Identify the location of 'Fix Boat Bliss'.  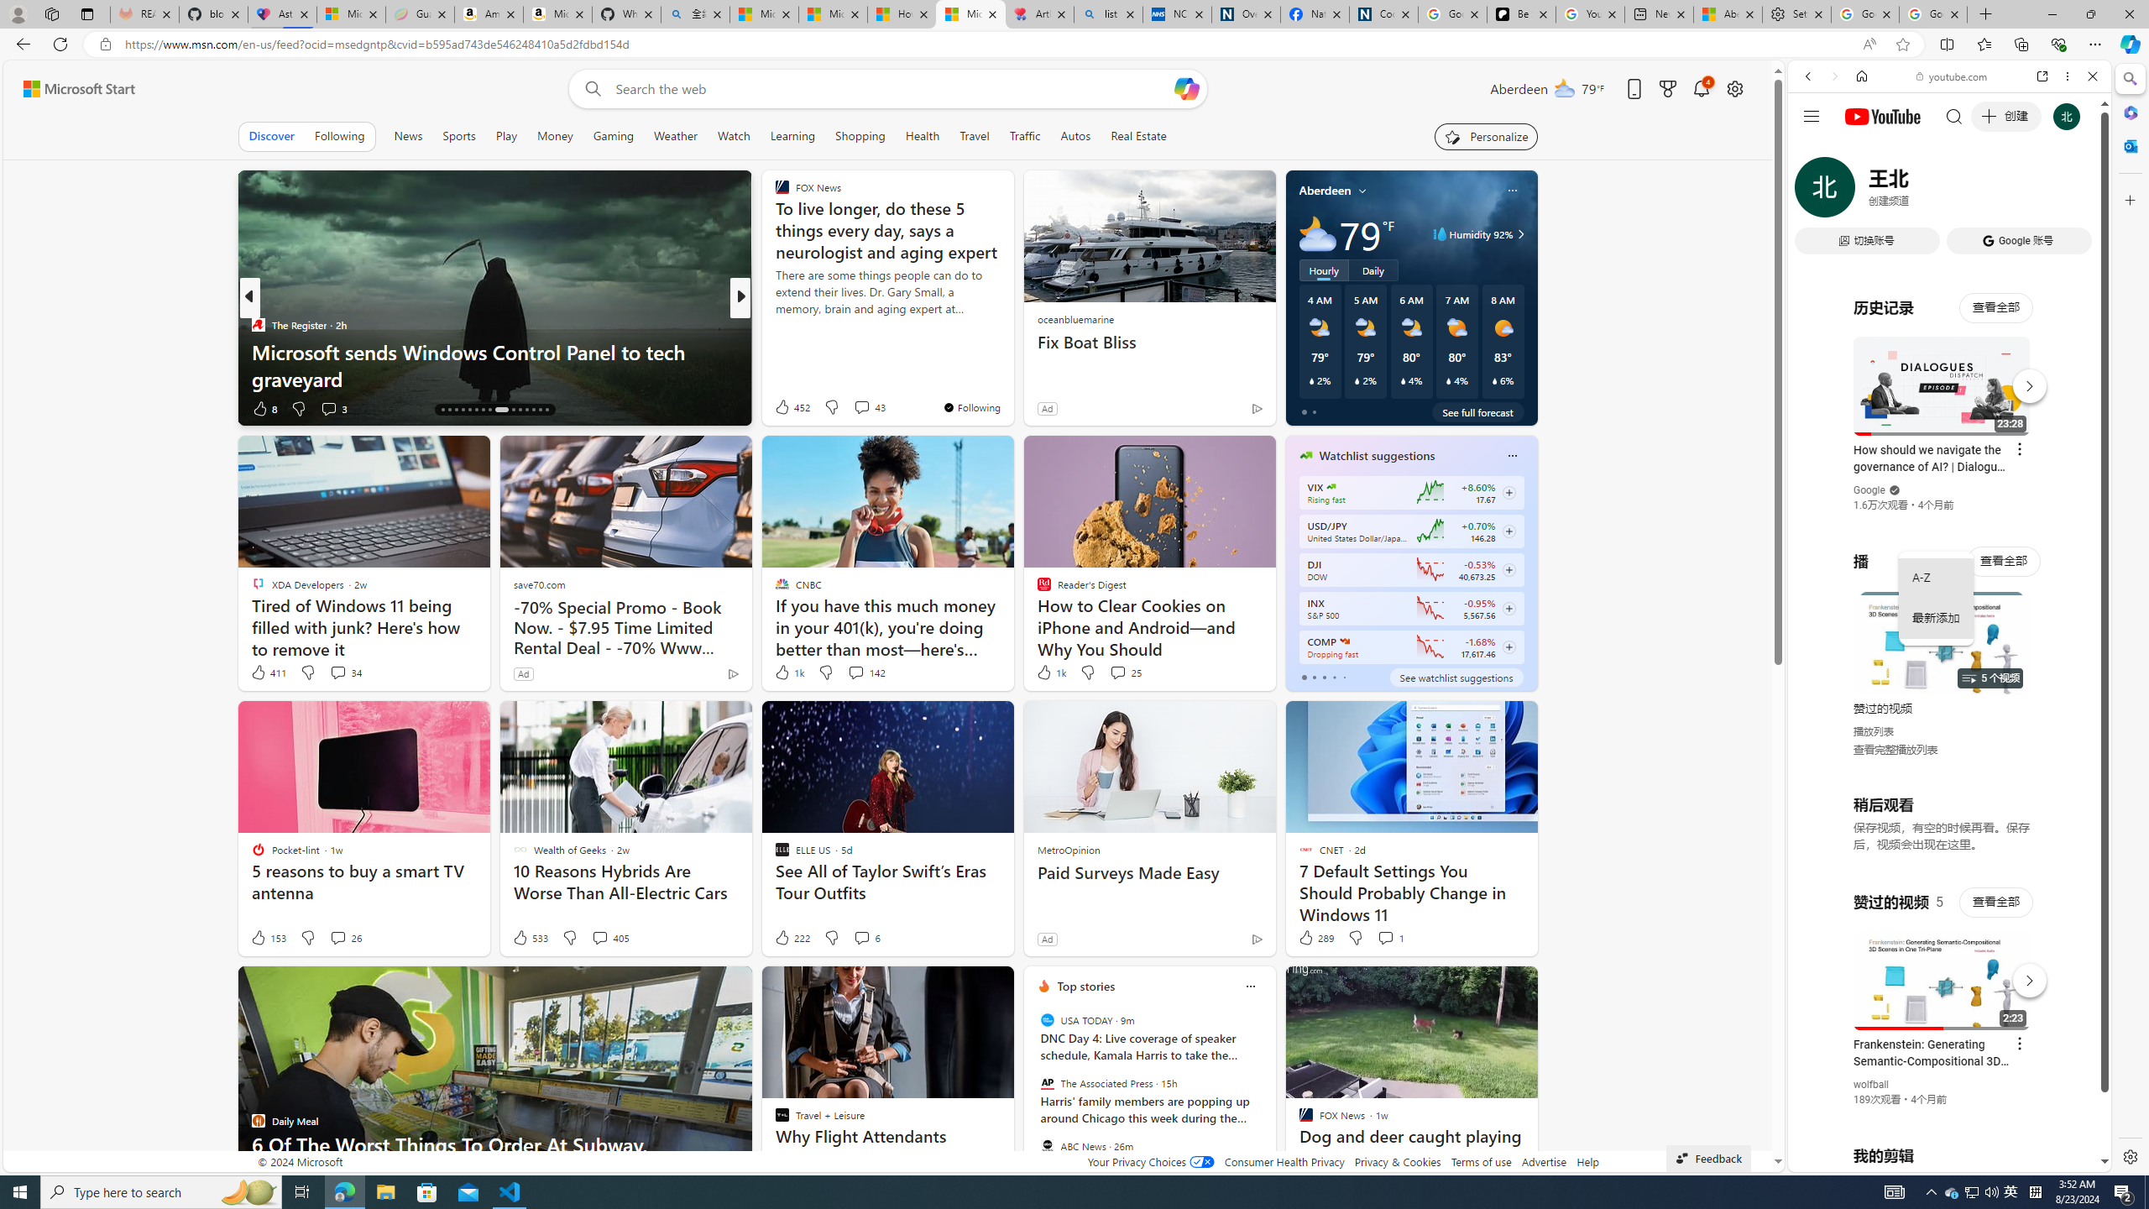
(1149, 342).